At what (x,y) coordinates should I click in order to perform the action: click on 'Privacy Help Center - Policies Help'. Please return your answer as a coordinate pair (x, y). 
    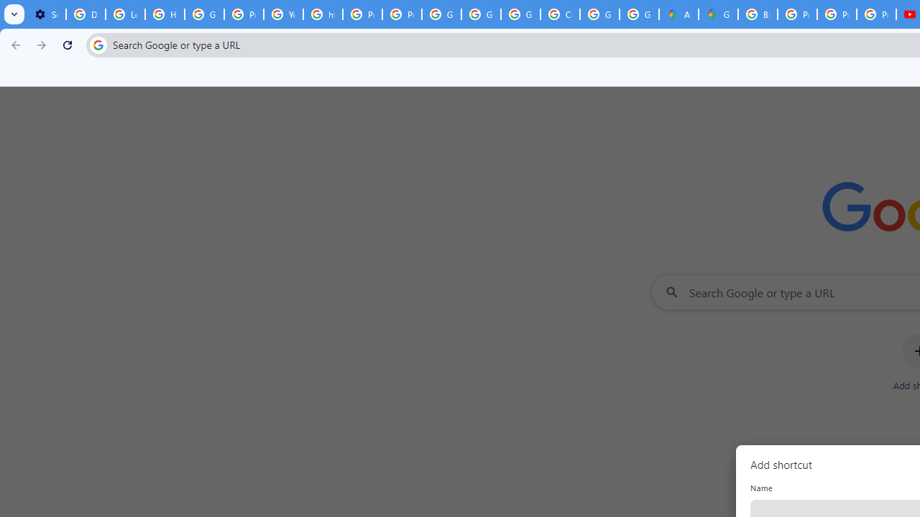
    Looking at the image, I should click on (796, 14).